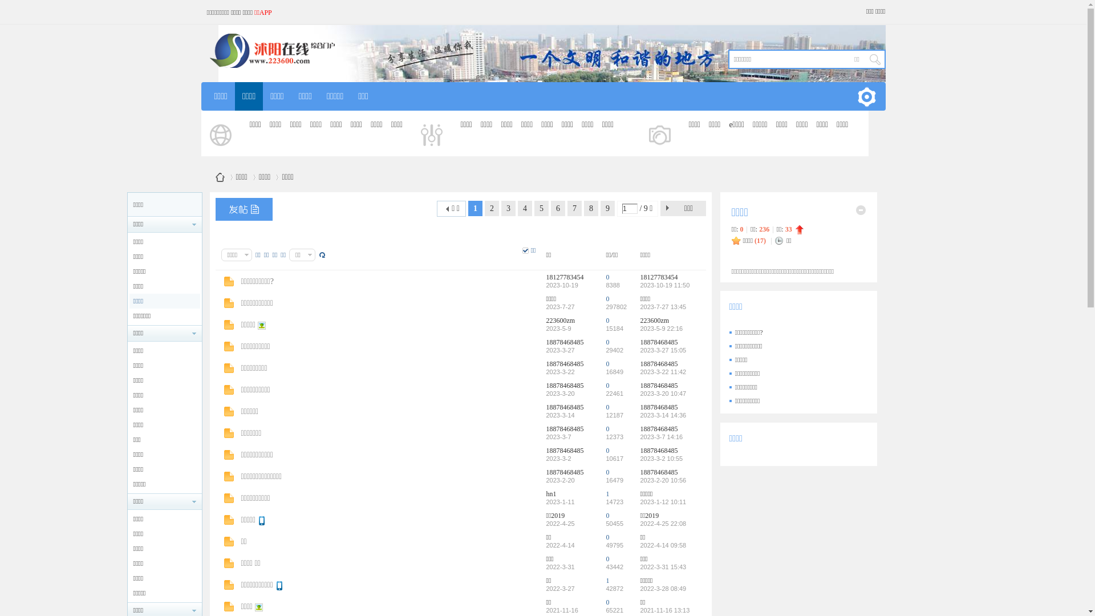  I want to click on '2023-3-2 10:55', so click(661, 457).